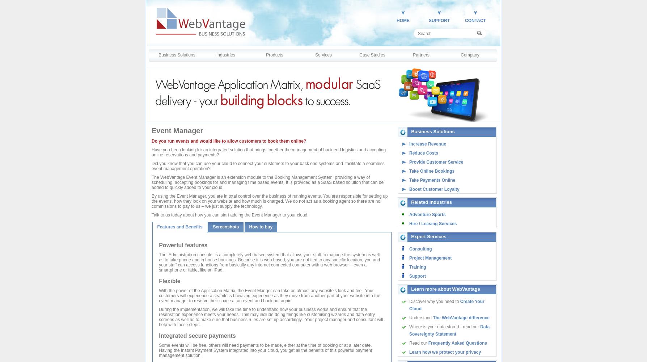 The height and width of the screenshot is (362, 647). I want to click on 'Related Industries', so click(431, 202).